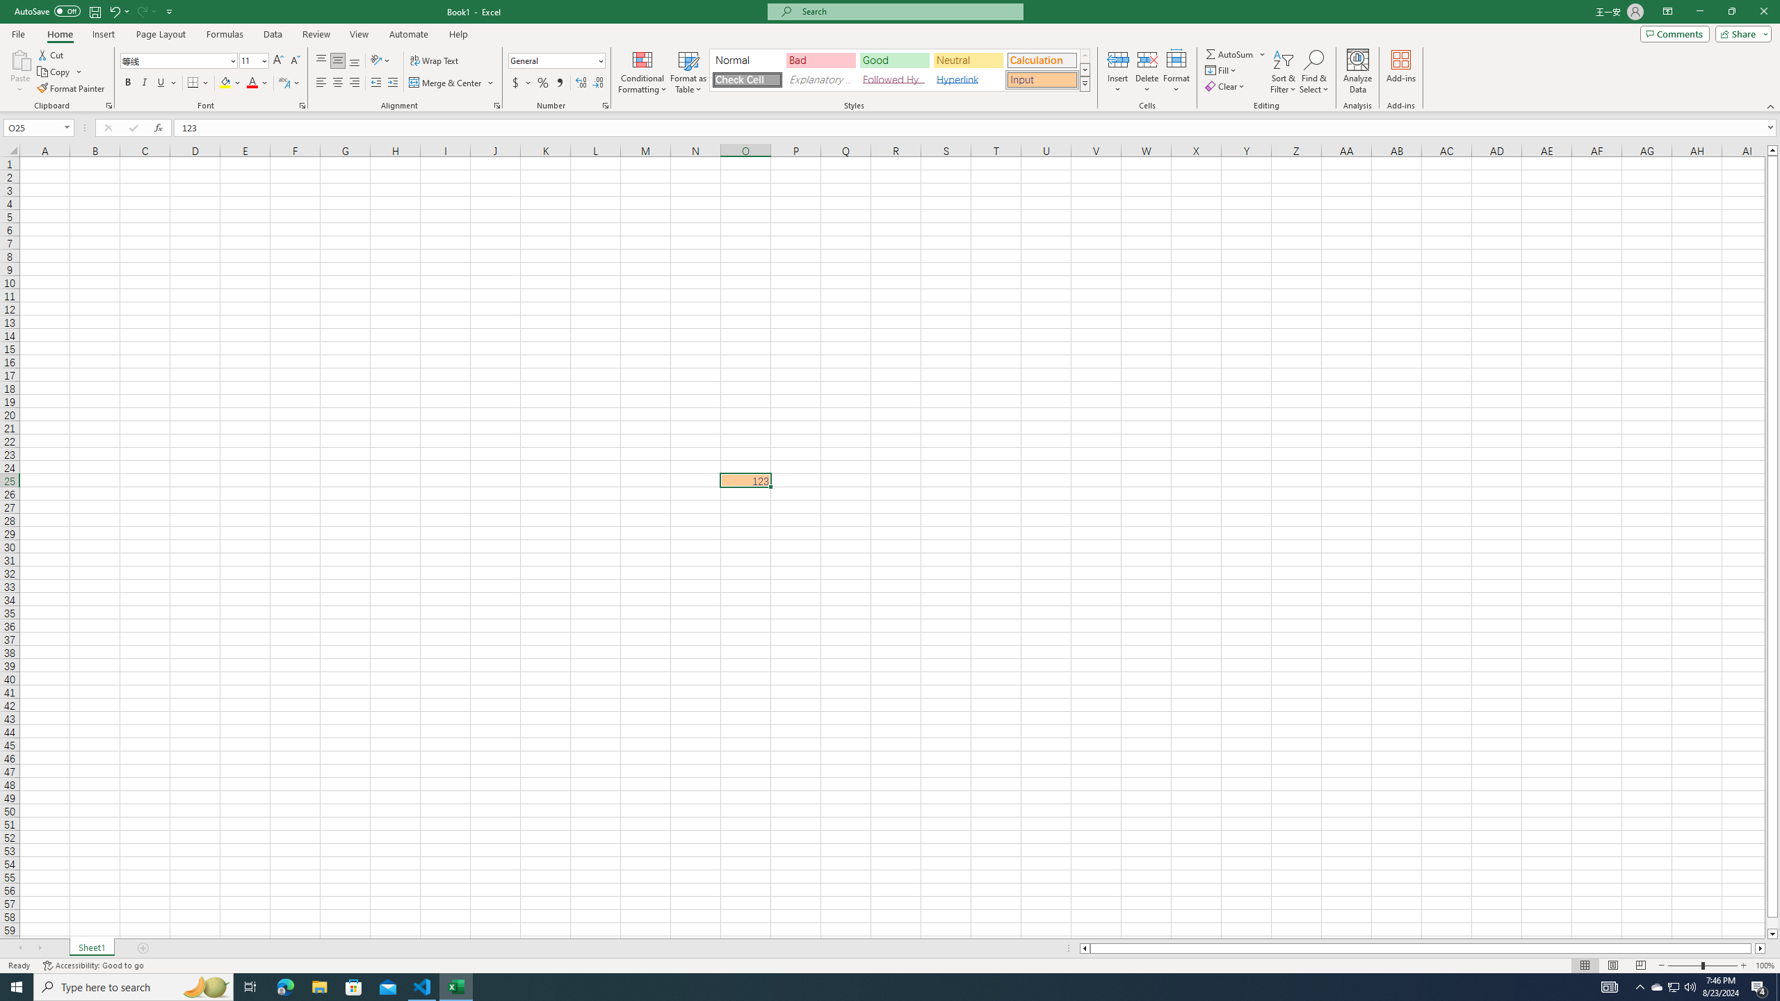 The image size is (1780, 1001). What do you see at coordinates (1146, 72) in the screenshot?
I see `'Delete'` at bounding box center [1146, 72].